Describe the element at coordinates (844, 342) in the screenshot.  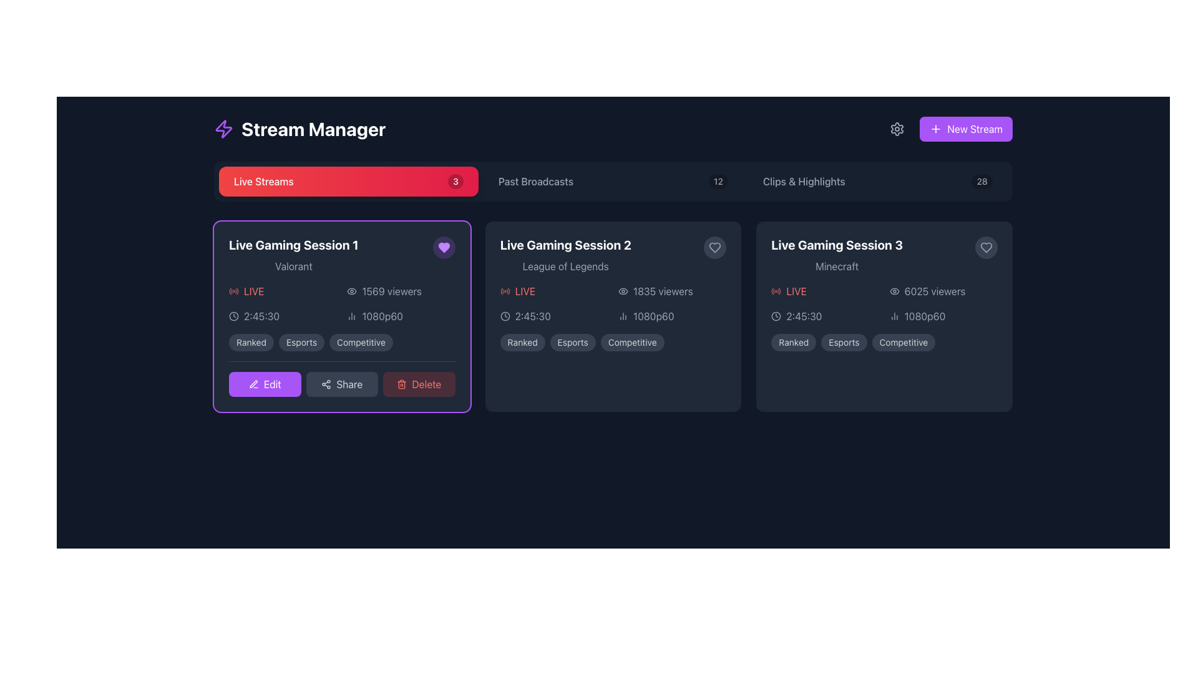
I see `'Esports' label, which is the second item in the group of three labels ('Ranked', 'Esports', 'Competitive') located below the session details in the 'Live Gaming Session 3' card` at that location.